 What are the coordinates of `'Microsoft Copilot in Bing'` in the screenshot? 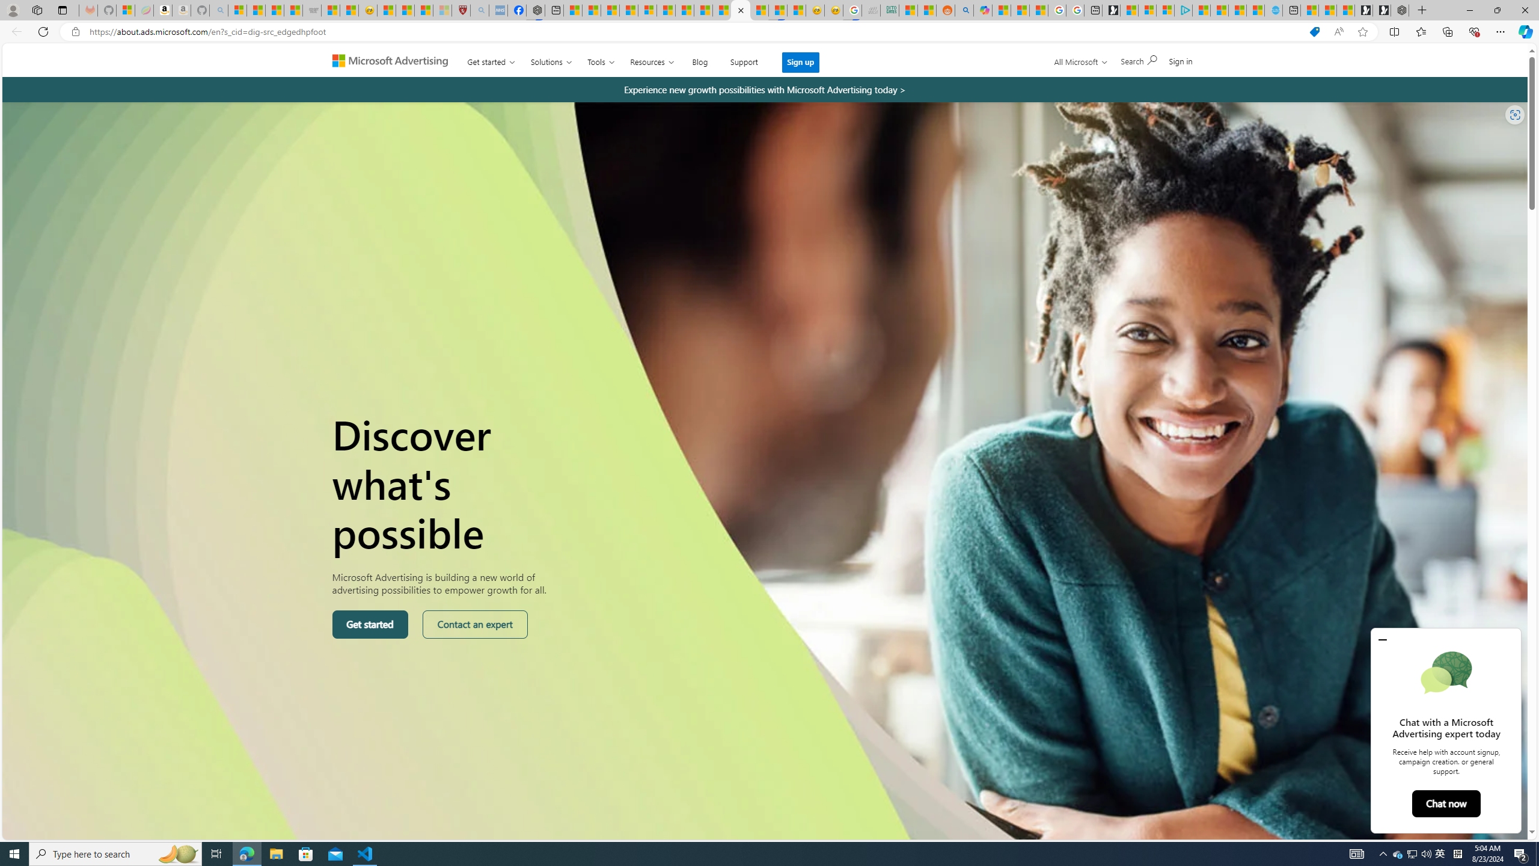 It's located at (982, 10).